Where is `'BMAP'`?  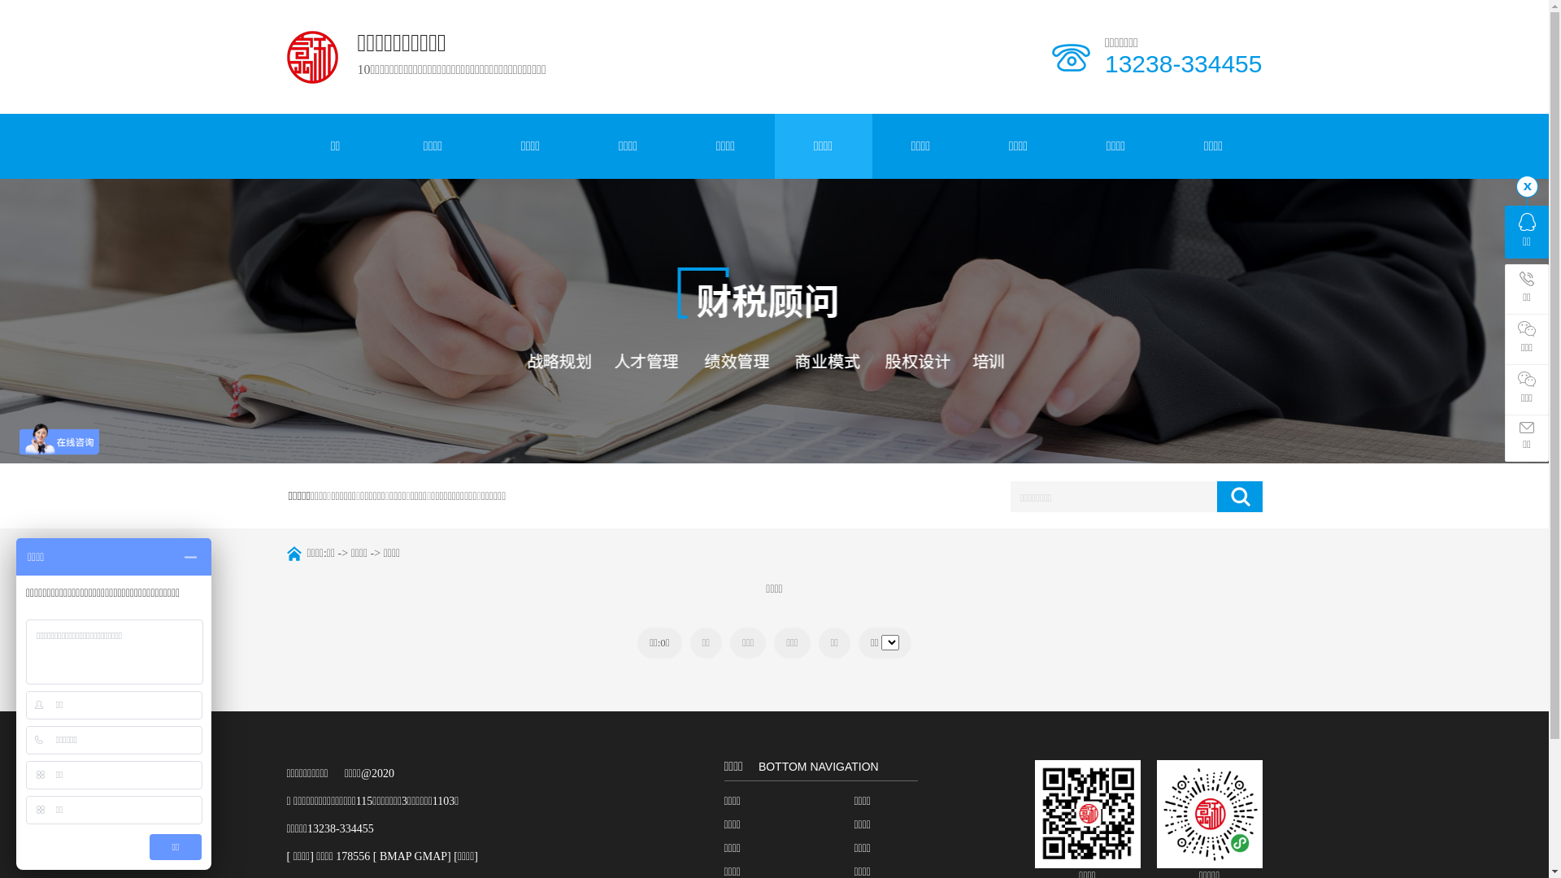
'BMAP' is located at coordinates (395, 855).